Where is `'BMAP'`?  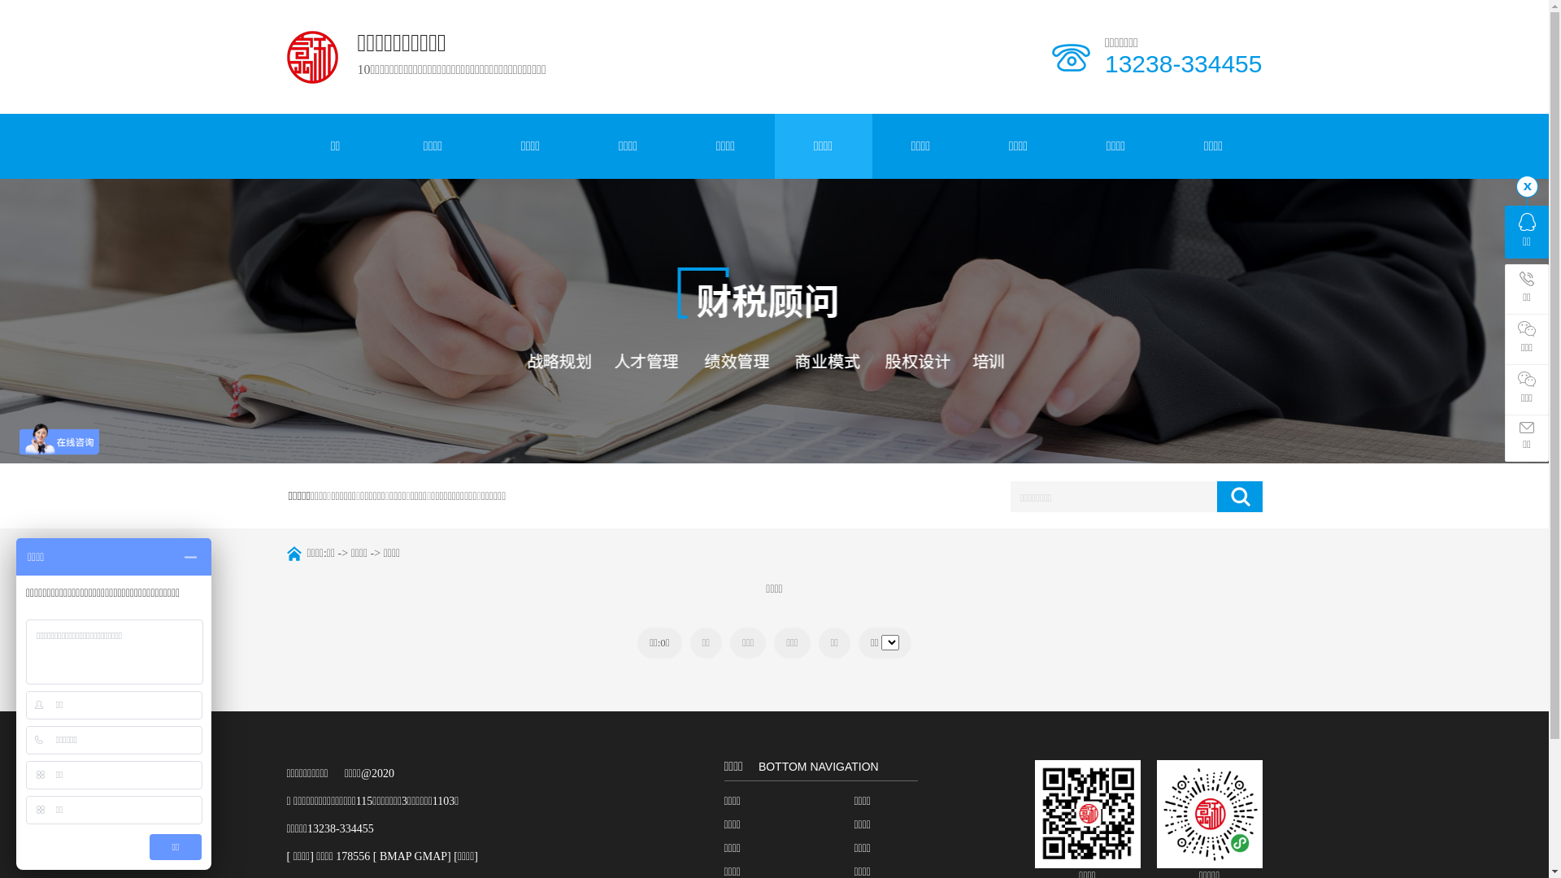
'BMAP' is located at coordinates (395, 855).